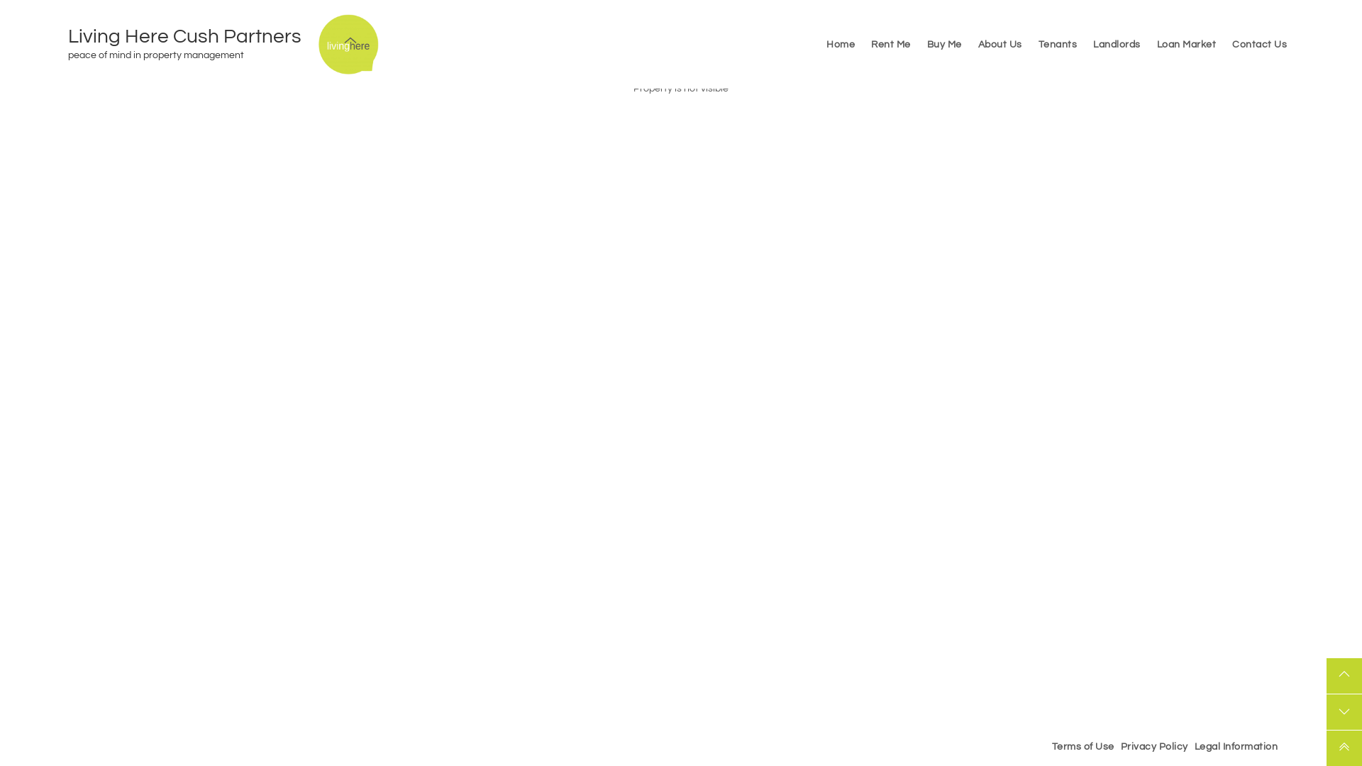  I want to click on 'Contact Us', so click(1259, 43).